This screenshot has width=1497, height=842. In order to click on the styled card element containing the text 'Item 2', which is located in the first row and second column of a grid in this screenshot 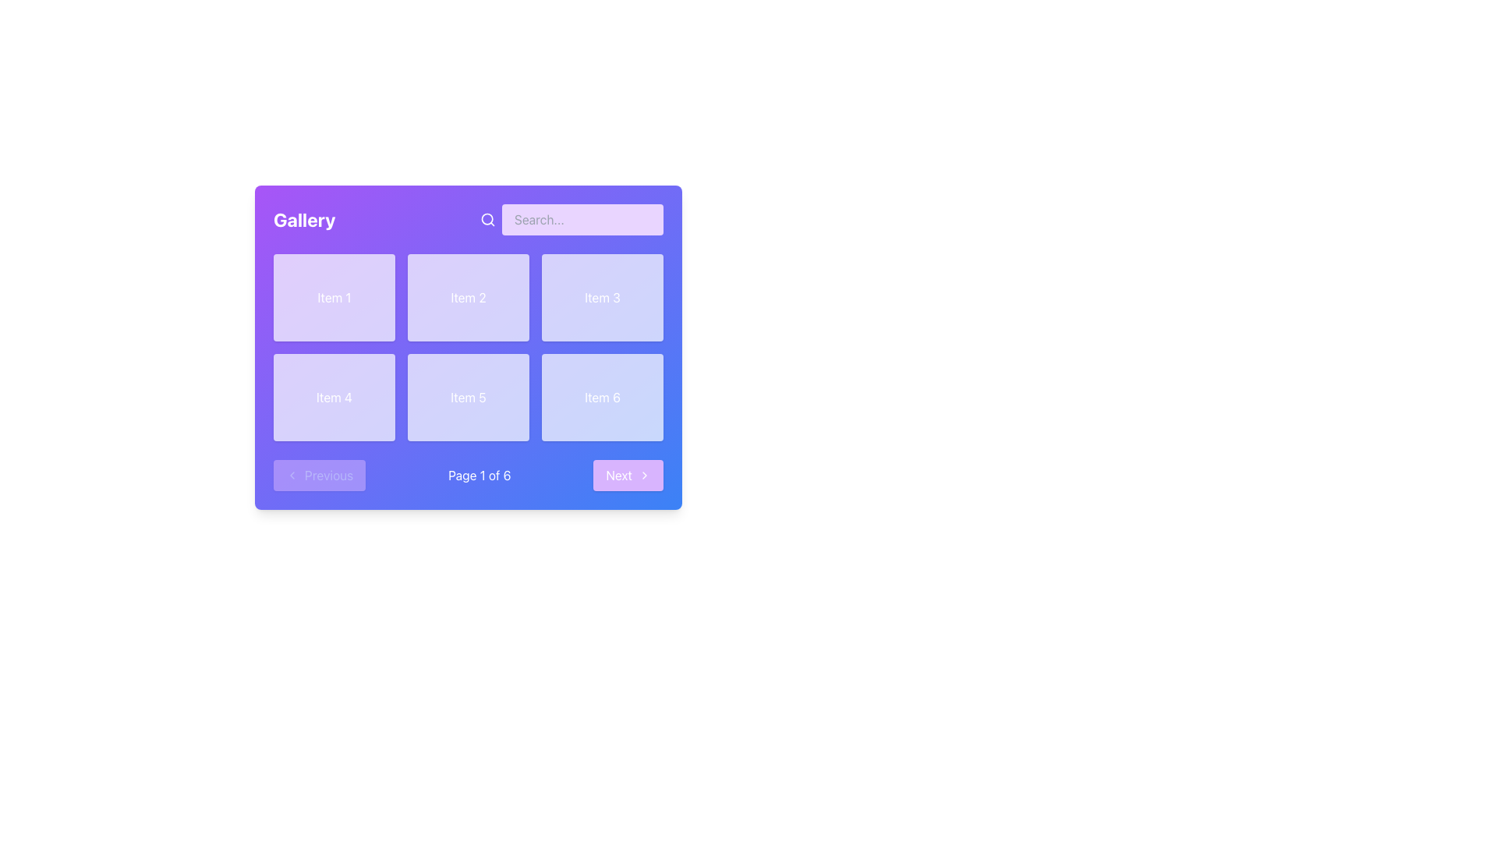, I will do `click(467, 297)`.